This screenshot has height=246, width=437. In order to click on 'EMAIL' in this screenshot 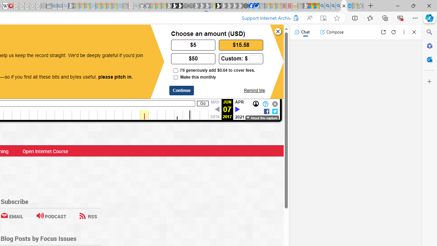, I will do `click(12, 216)`.